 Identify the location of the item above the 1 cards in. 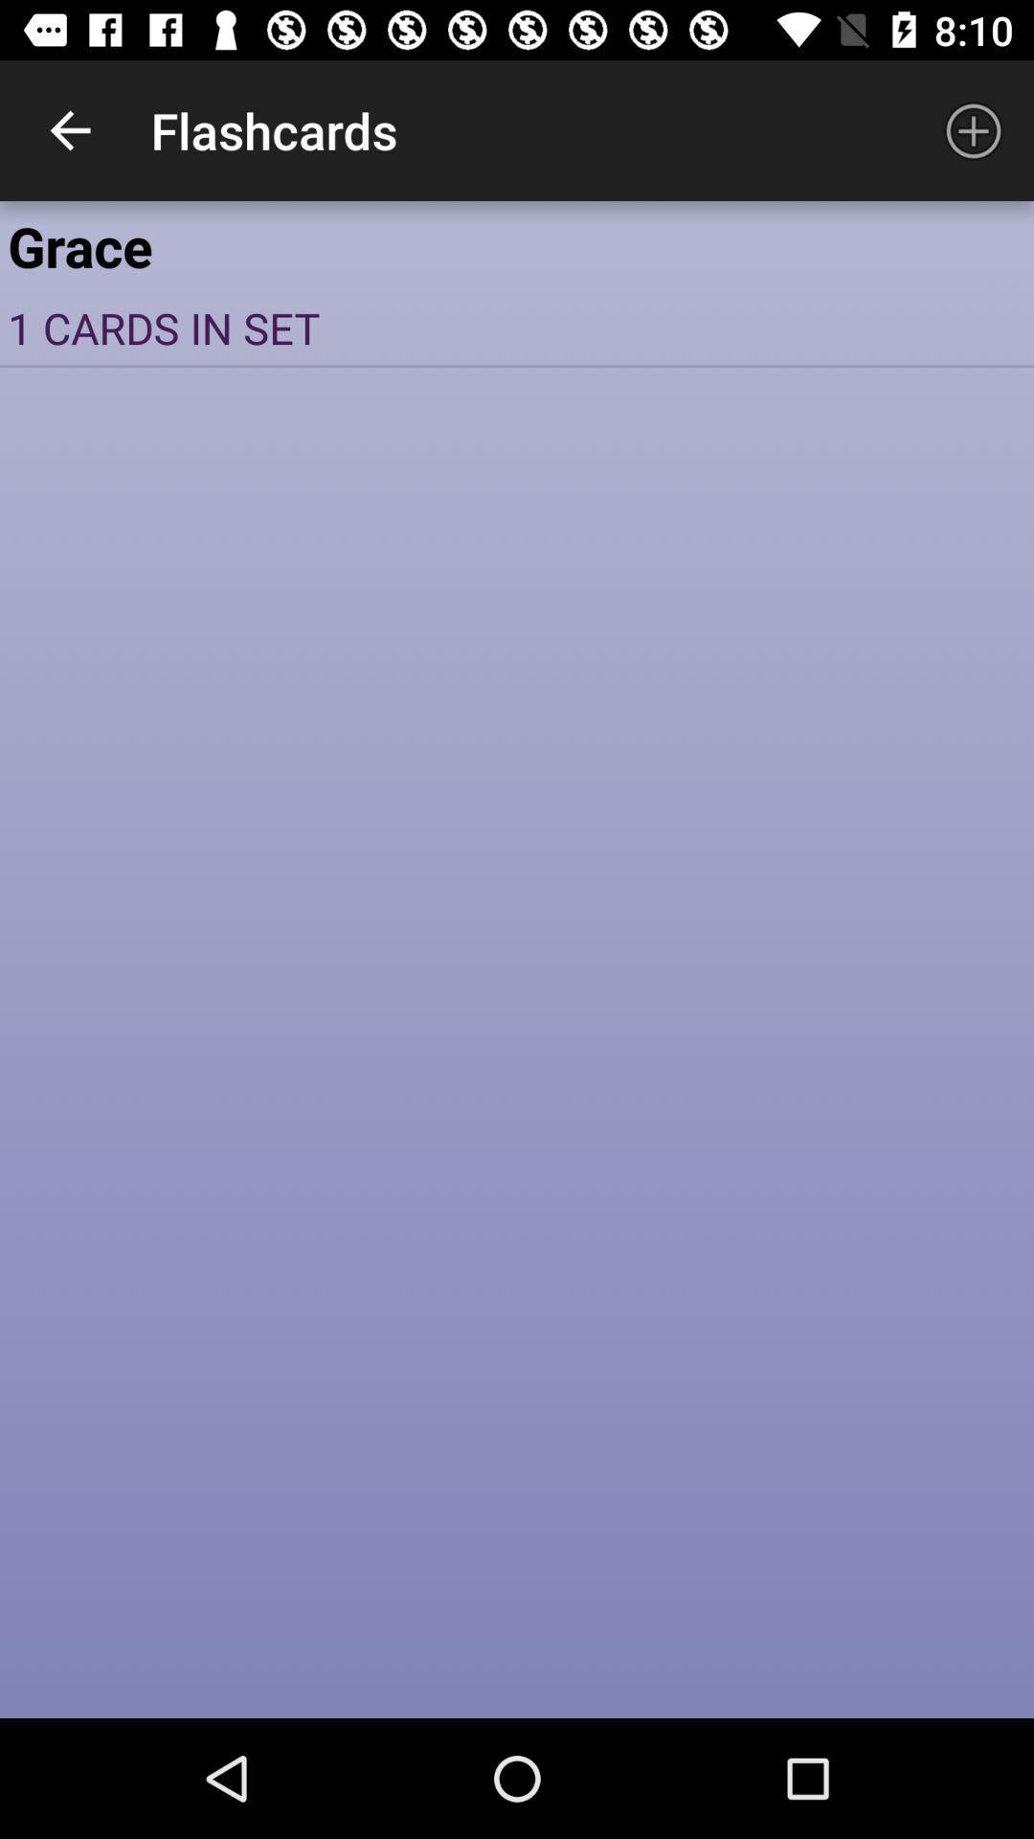
(517, 244).